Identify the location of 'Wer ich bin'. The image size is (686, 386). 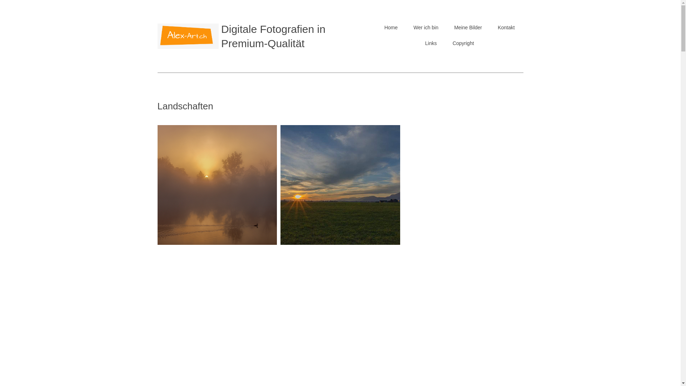
(426, 27).